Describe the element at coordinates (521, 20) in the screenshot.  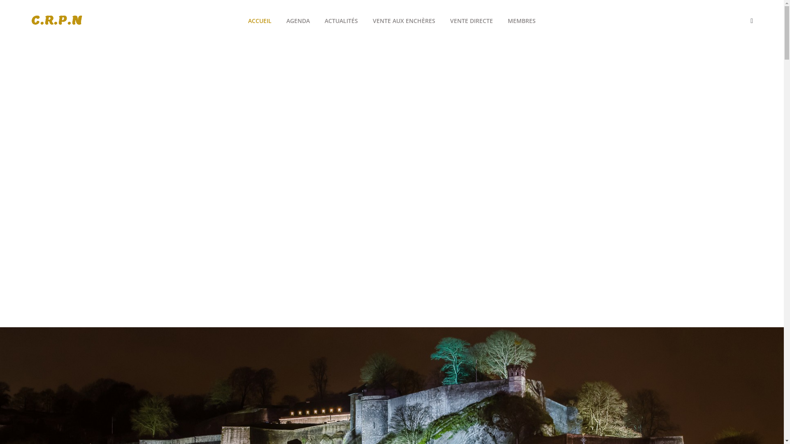
I see `'MEMBRES'` at that location.